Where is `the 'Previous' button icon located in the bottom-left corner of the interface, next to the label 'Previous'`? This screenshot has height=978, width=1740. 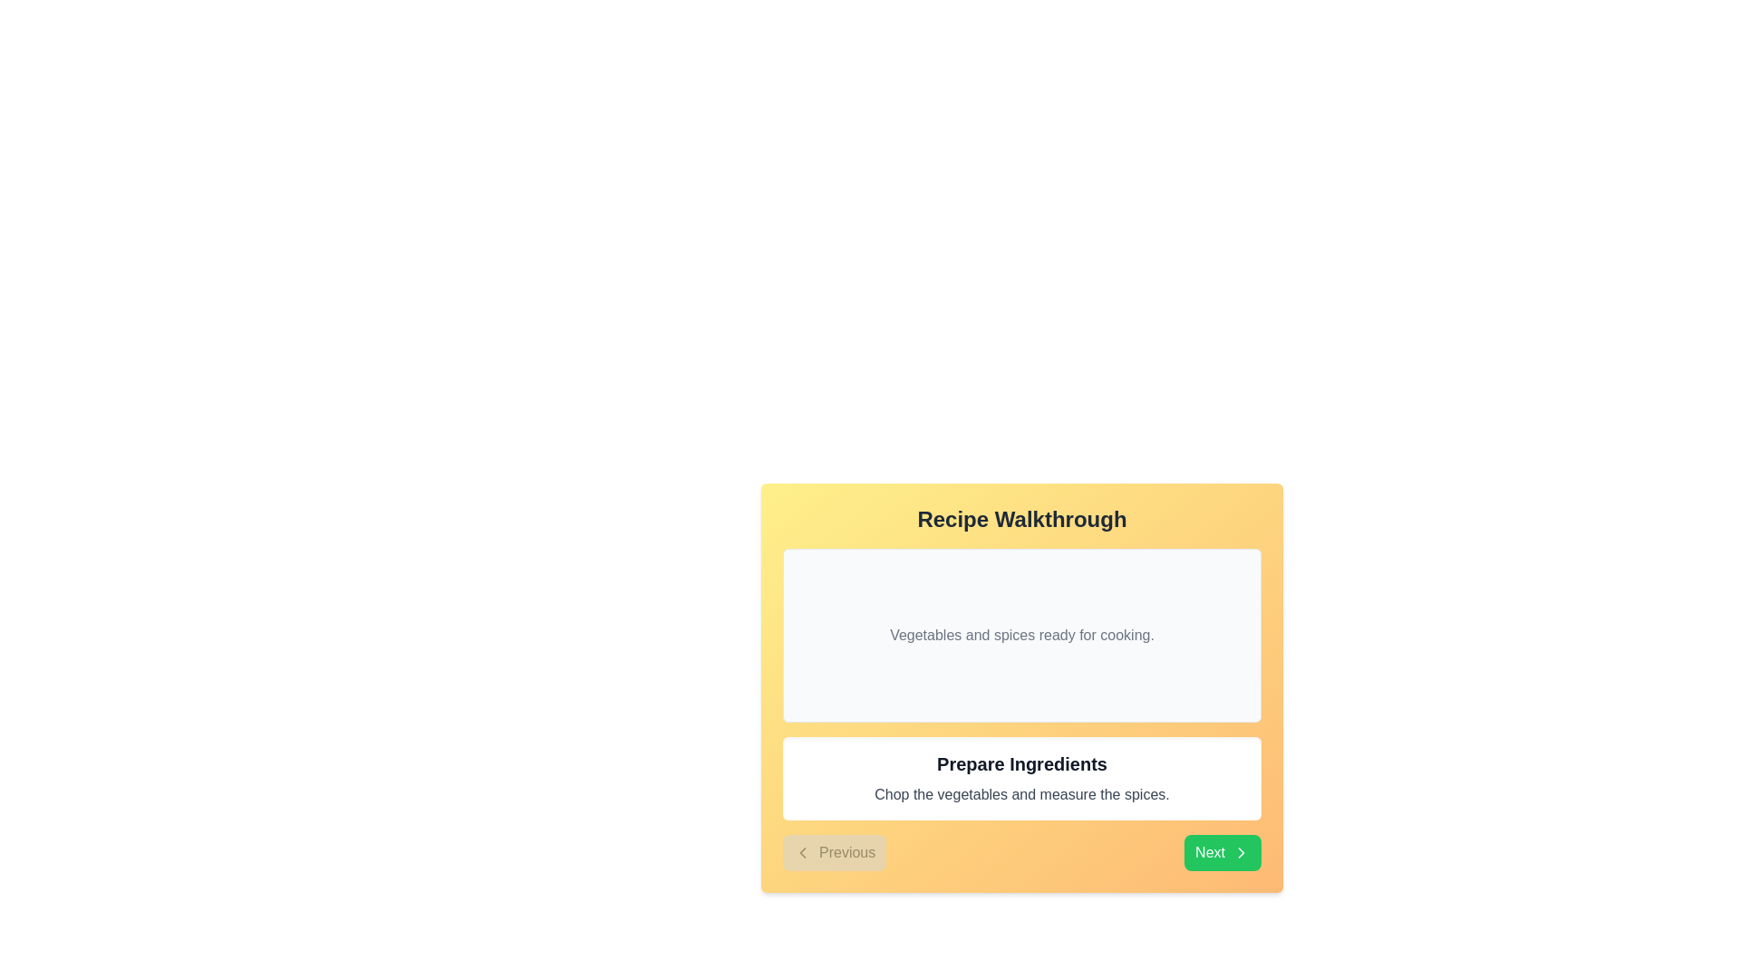 the 'Previous' button icon located in the bottom-left corner of the interface, next to the label 'Previous' is located at coordinates (802, 852).